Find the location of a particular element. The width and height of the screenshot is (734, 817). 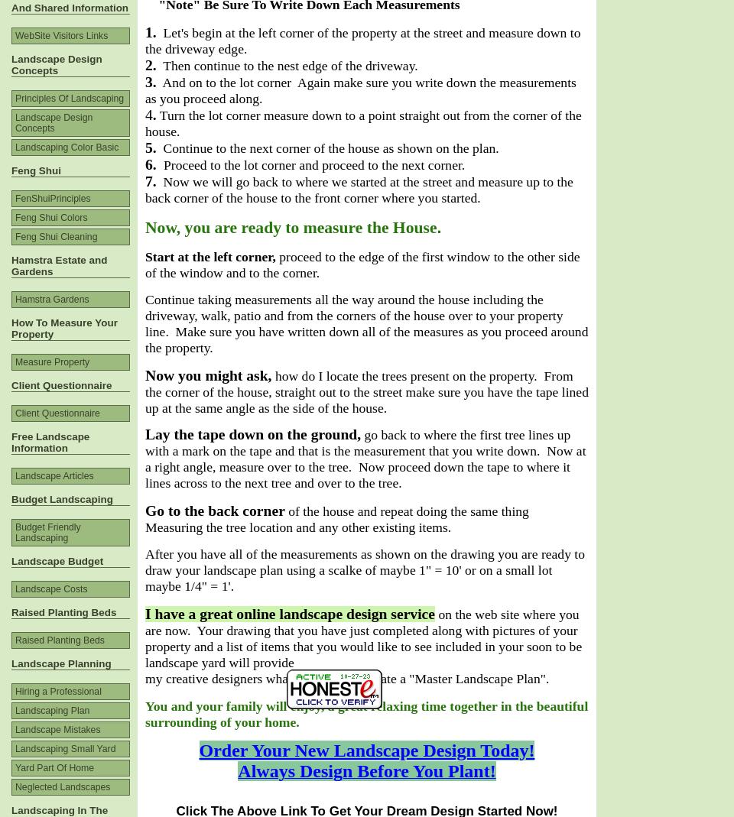

'surrounding of your home.' is located at coordinates (221, 721).